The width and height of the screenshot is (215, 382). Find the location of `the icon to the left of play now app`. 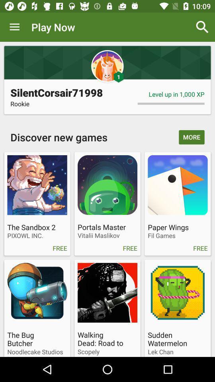

the icon to the left of play now app is located at coordinates (14, 27).